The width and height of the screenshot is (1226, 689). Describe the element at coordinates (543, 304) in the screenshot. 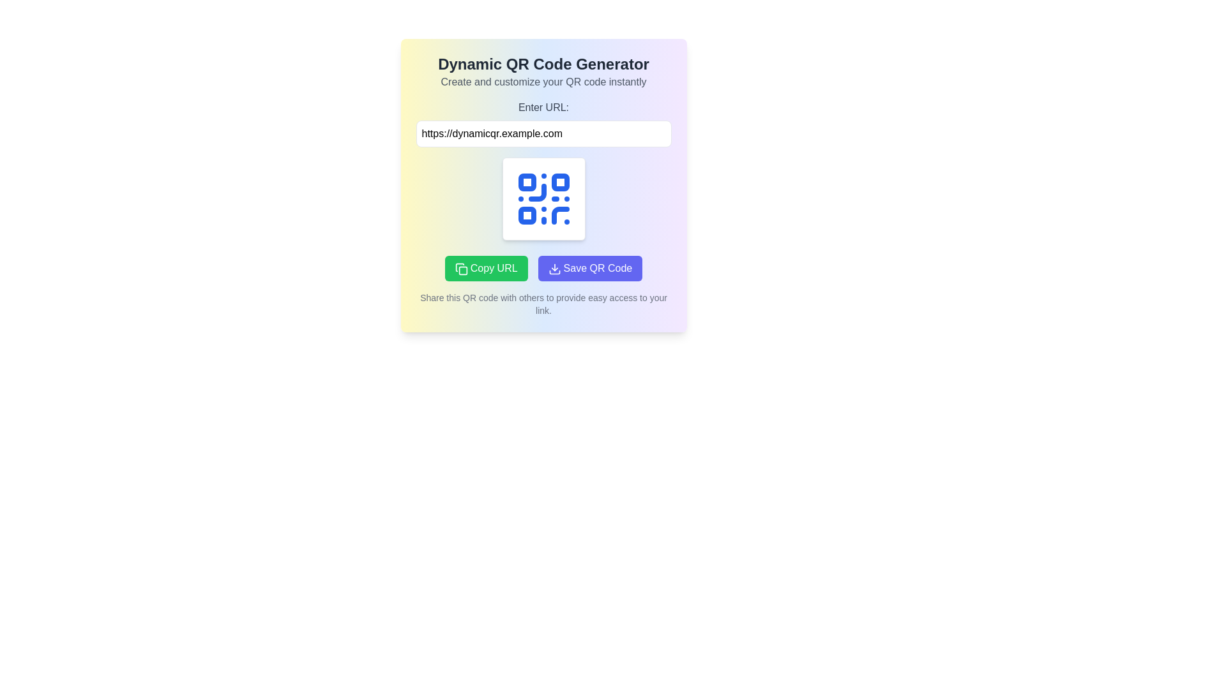

I see `the text paragraph that reads 'Share this QR code with others to provide easy access to your link.' which is styled in a small gray font and located below the 'Copy URL' and 'Save QR Code' buttons within a card layout` at that location.